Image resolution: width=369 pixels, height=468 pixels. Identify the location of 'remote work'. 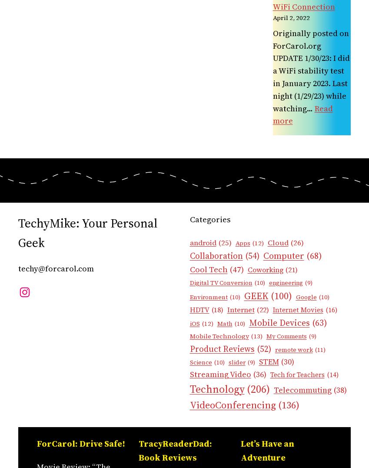
(293, 350).